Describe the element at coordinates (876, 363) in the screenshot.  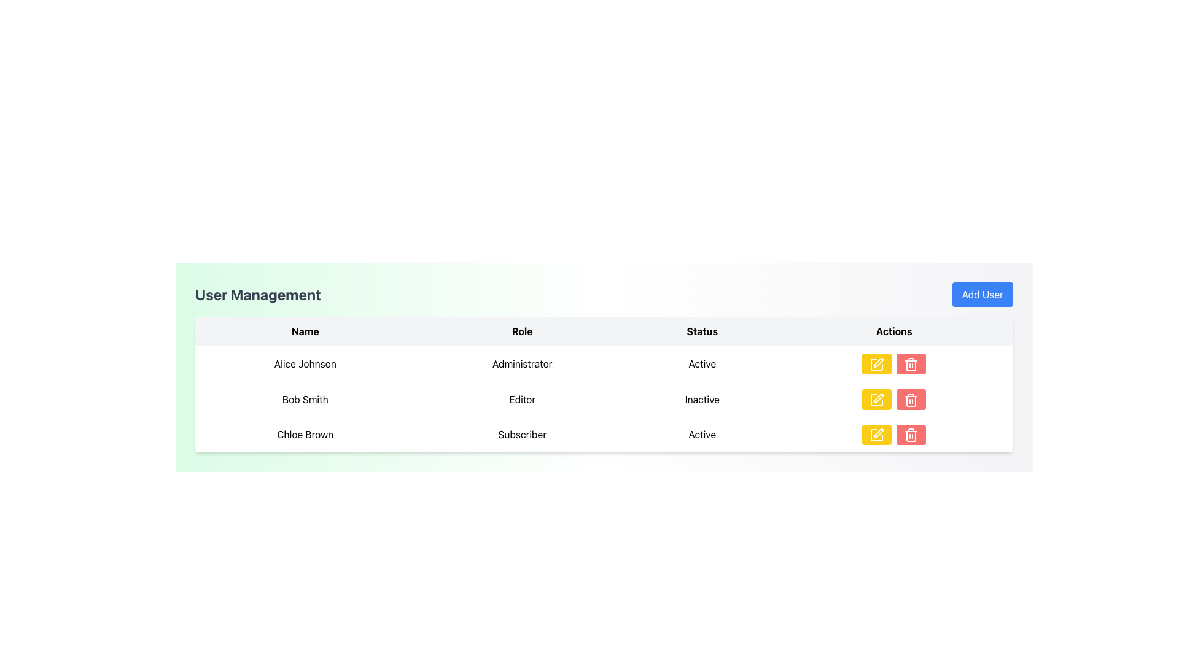
I see `the edit button in the 'Actions' column of the first row in the user table` at that location.